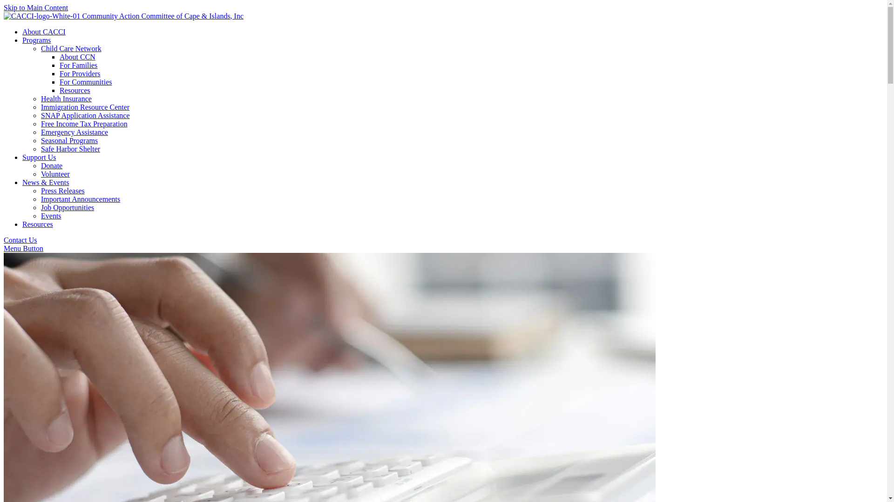 The image size is (894, 502). Describe the element at coordinates (36, 40) in the screenshot. I see `'Programs'` at that location.